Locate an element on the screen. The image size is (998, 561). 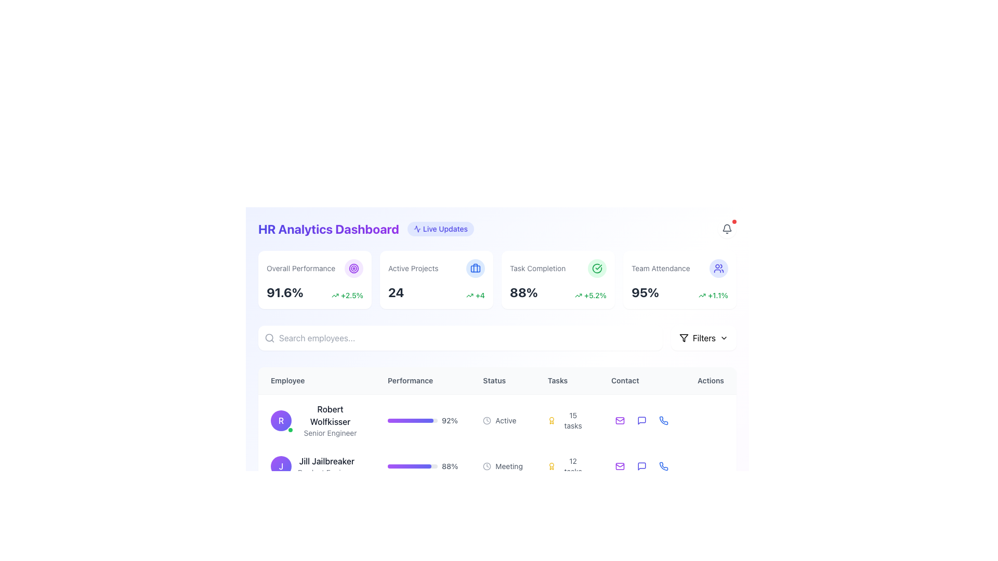
the task completion indicator icon located in the fourth box of the primary statistics section on the dashboard interface is located at coordinates (597, 268).